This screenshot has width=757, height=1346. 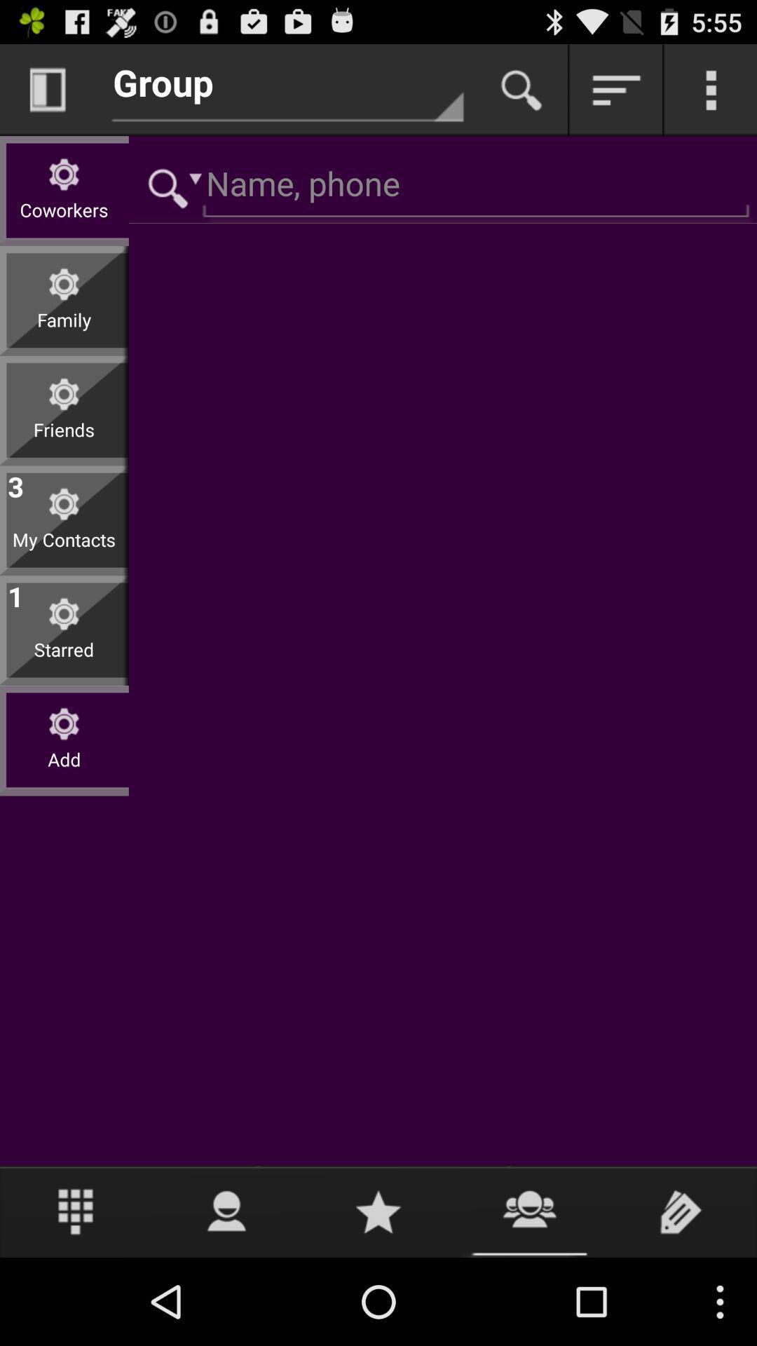 I want to click on search, so click(x=168, y=185).